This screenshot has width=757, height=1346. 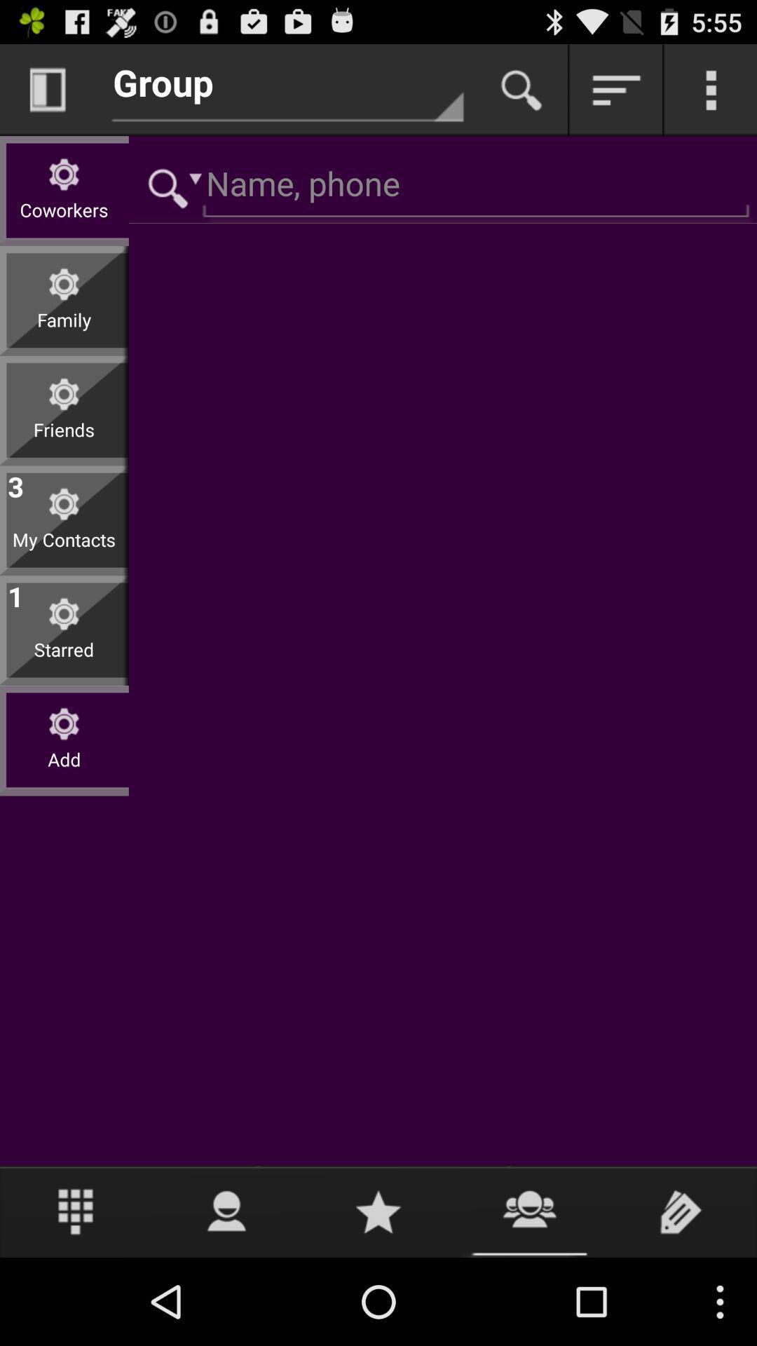 I want to click on search, so click(x=168, y=185).